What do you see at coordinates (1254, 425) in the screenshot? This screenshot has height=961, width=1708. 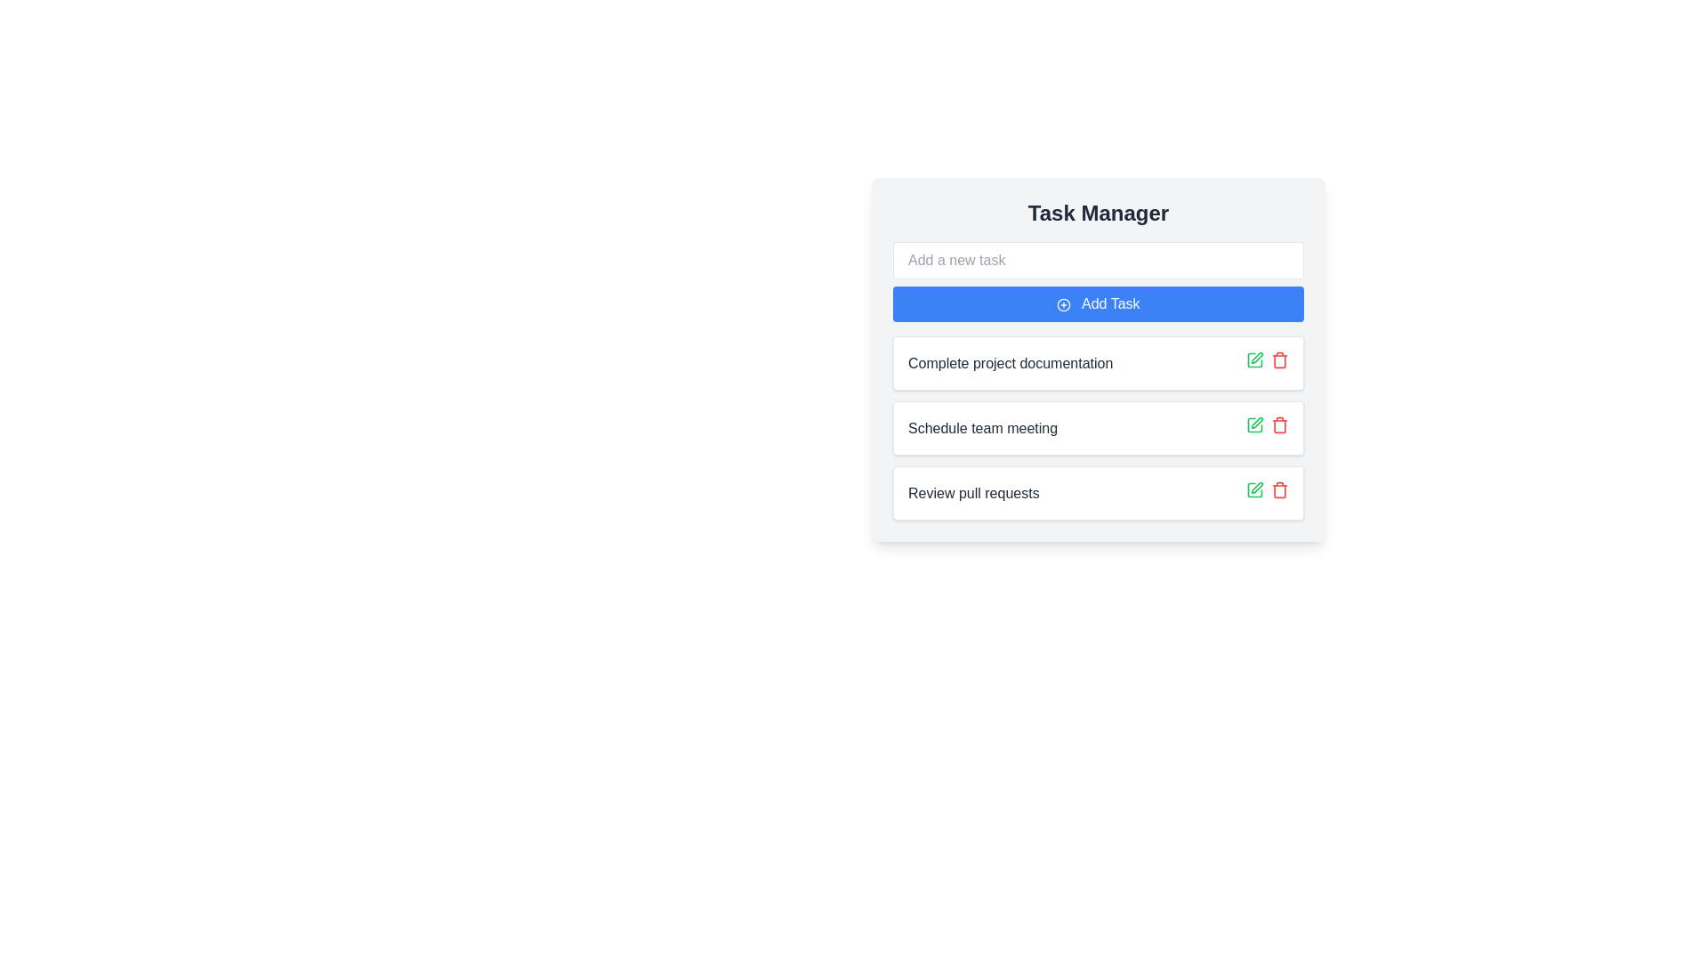 I see `the green pen icon button located in the 'Schedule team meeting' task row, positioned to the left of the red trash icon, for keyboard accessibility` at bounding box center [1254, 425].